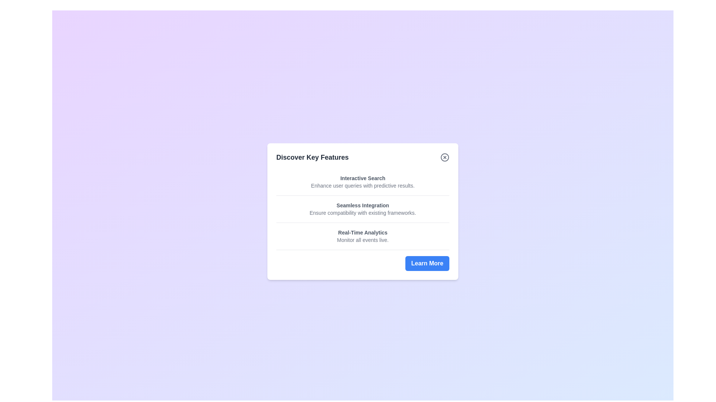 The height and width of the screenshot is (402, 716). Describe the element at coordinates (427, 263) in the screenshot. I see `the 'Learn More' button to trigger its associated action` at that location.